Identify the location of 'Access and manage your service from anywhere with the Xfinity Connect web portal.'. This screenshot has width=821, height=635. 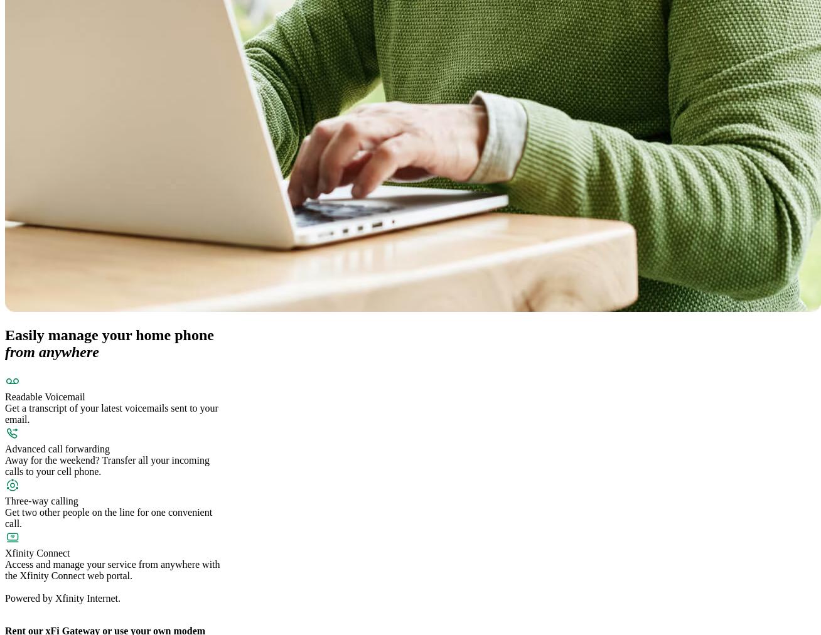
(112, 570).